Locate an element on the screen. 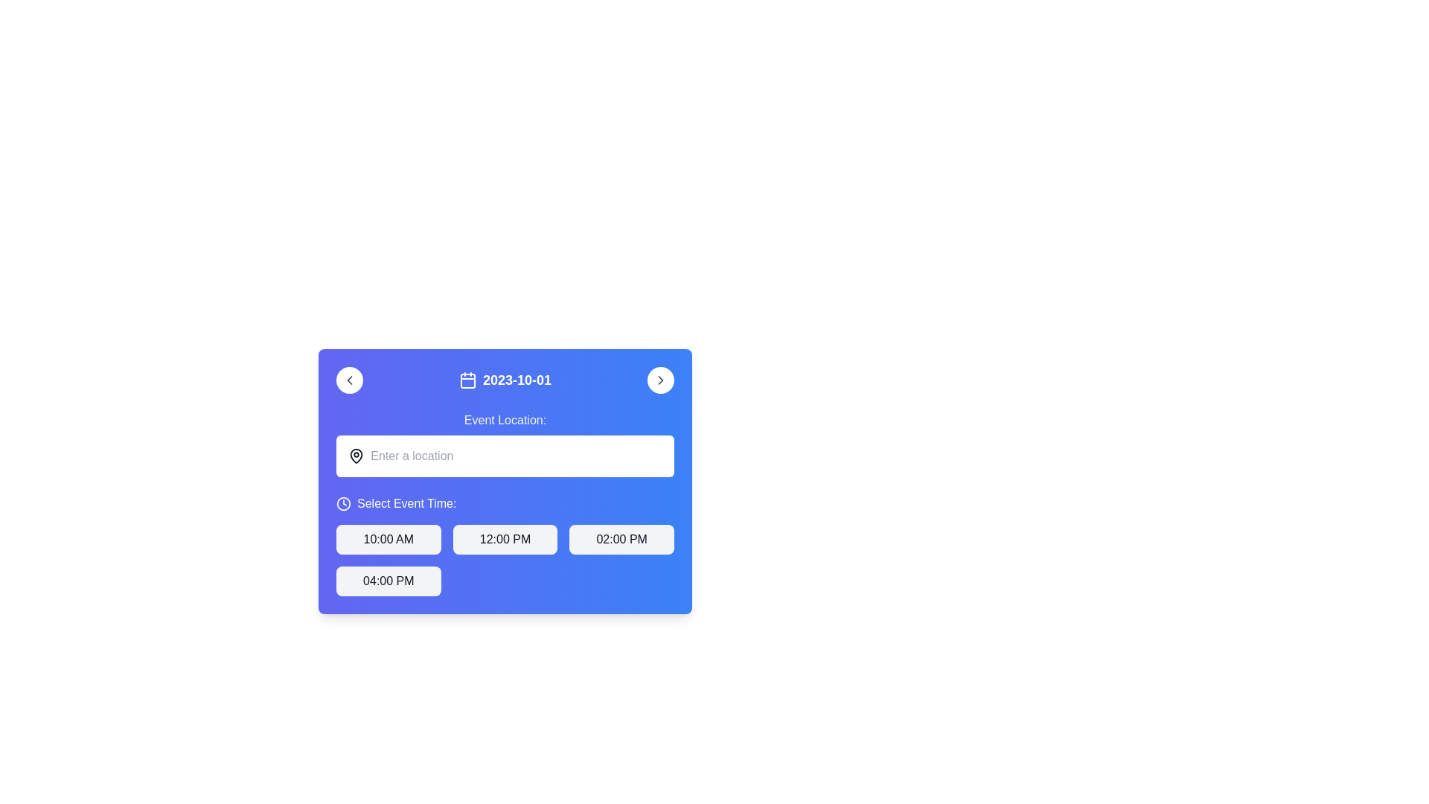  the options in the interactive grid layout for selecting event times is located at coordinates (505, 560).